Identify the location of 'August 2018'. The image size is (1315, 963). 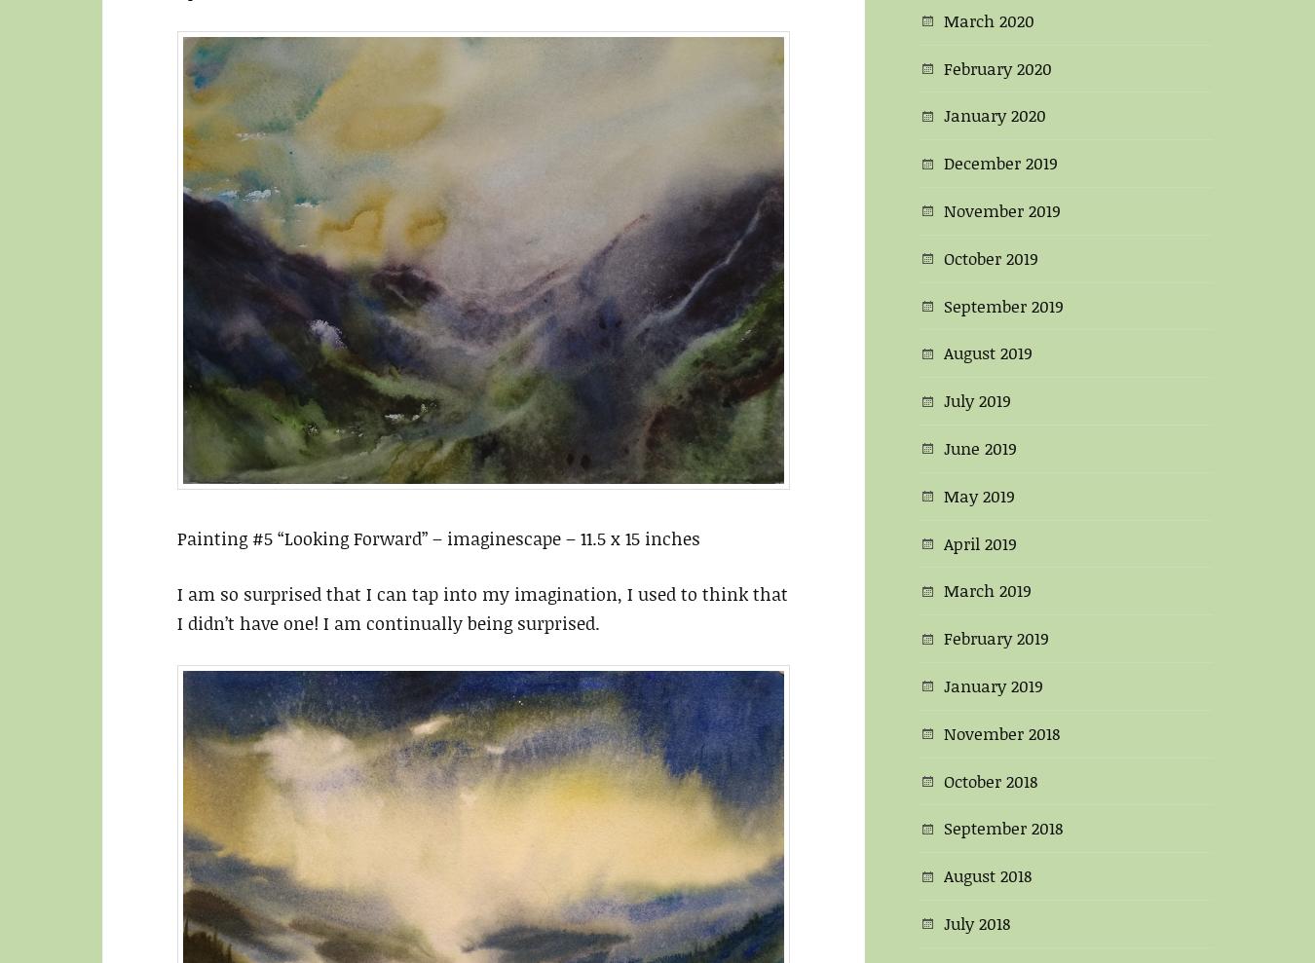
(987, 874).